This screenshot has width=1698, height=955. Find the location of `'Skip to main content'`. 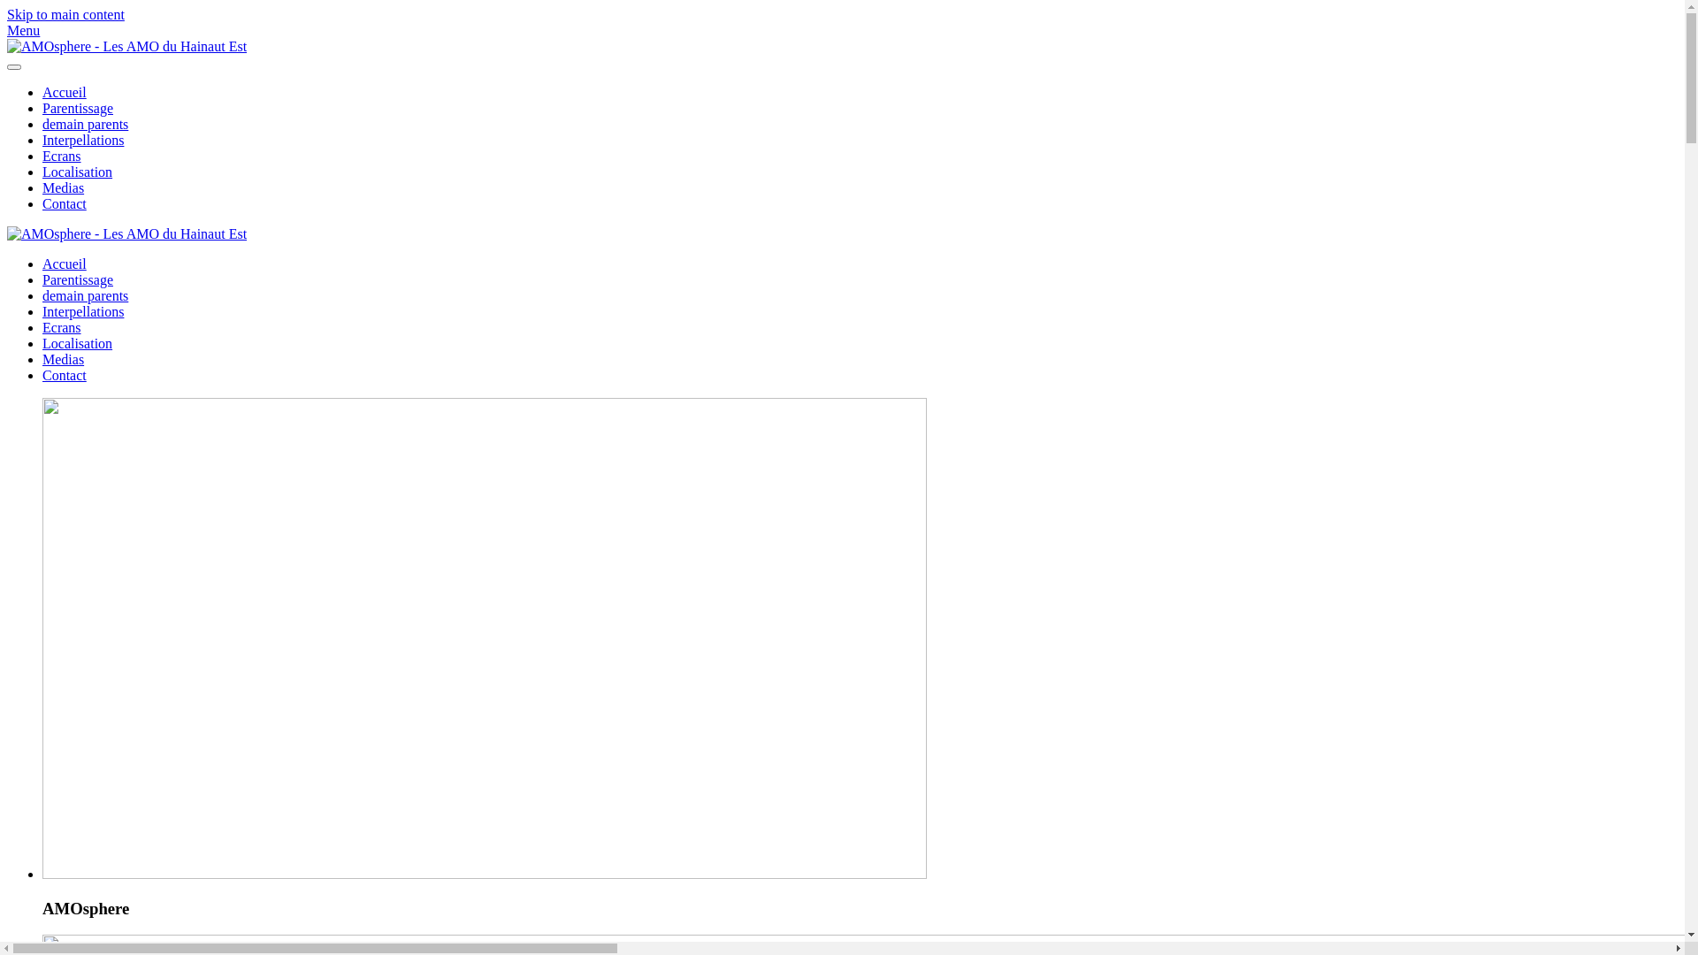

'Skip to main content' is located at coordinates (65, 14).